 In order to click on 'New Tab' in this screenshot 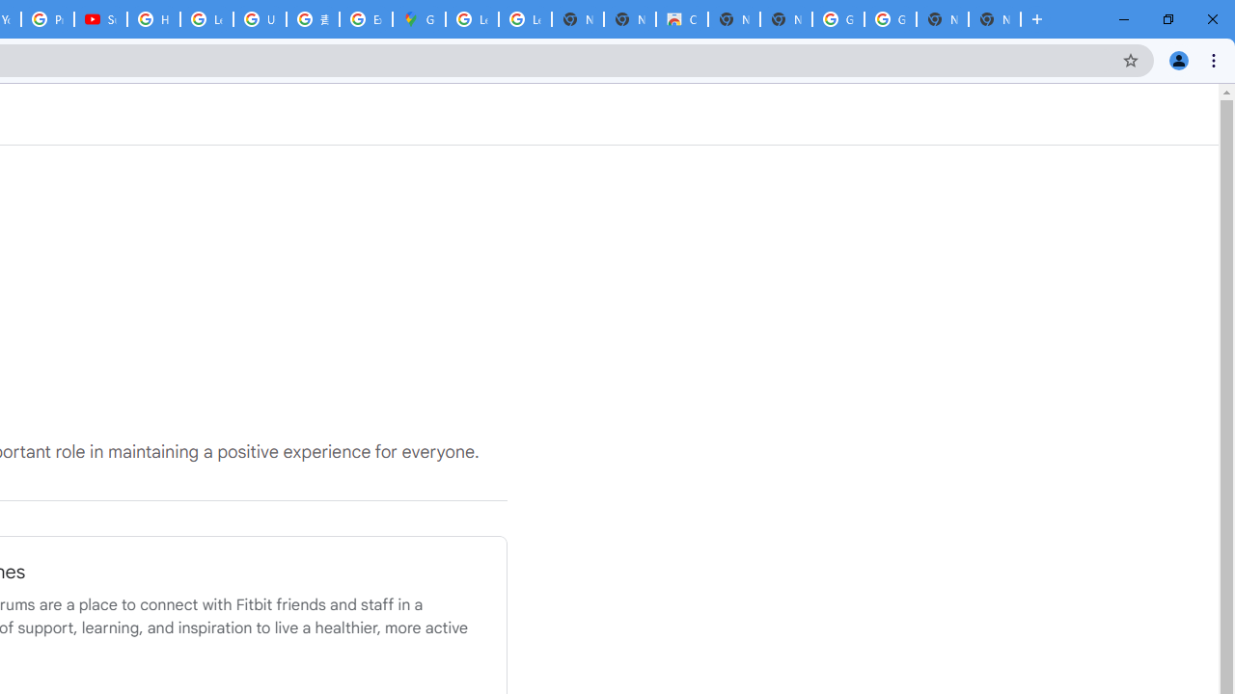, I will do `click(995, 19)`.